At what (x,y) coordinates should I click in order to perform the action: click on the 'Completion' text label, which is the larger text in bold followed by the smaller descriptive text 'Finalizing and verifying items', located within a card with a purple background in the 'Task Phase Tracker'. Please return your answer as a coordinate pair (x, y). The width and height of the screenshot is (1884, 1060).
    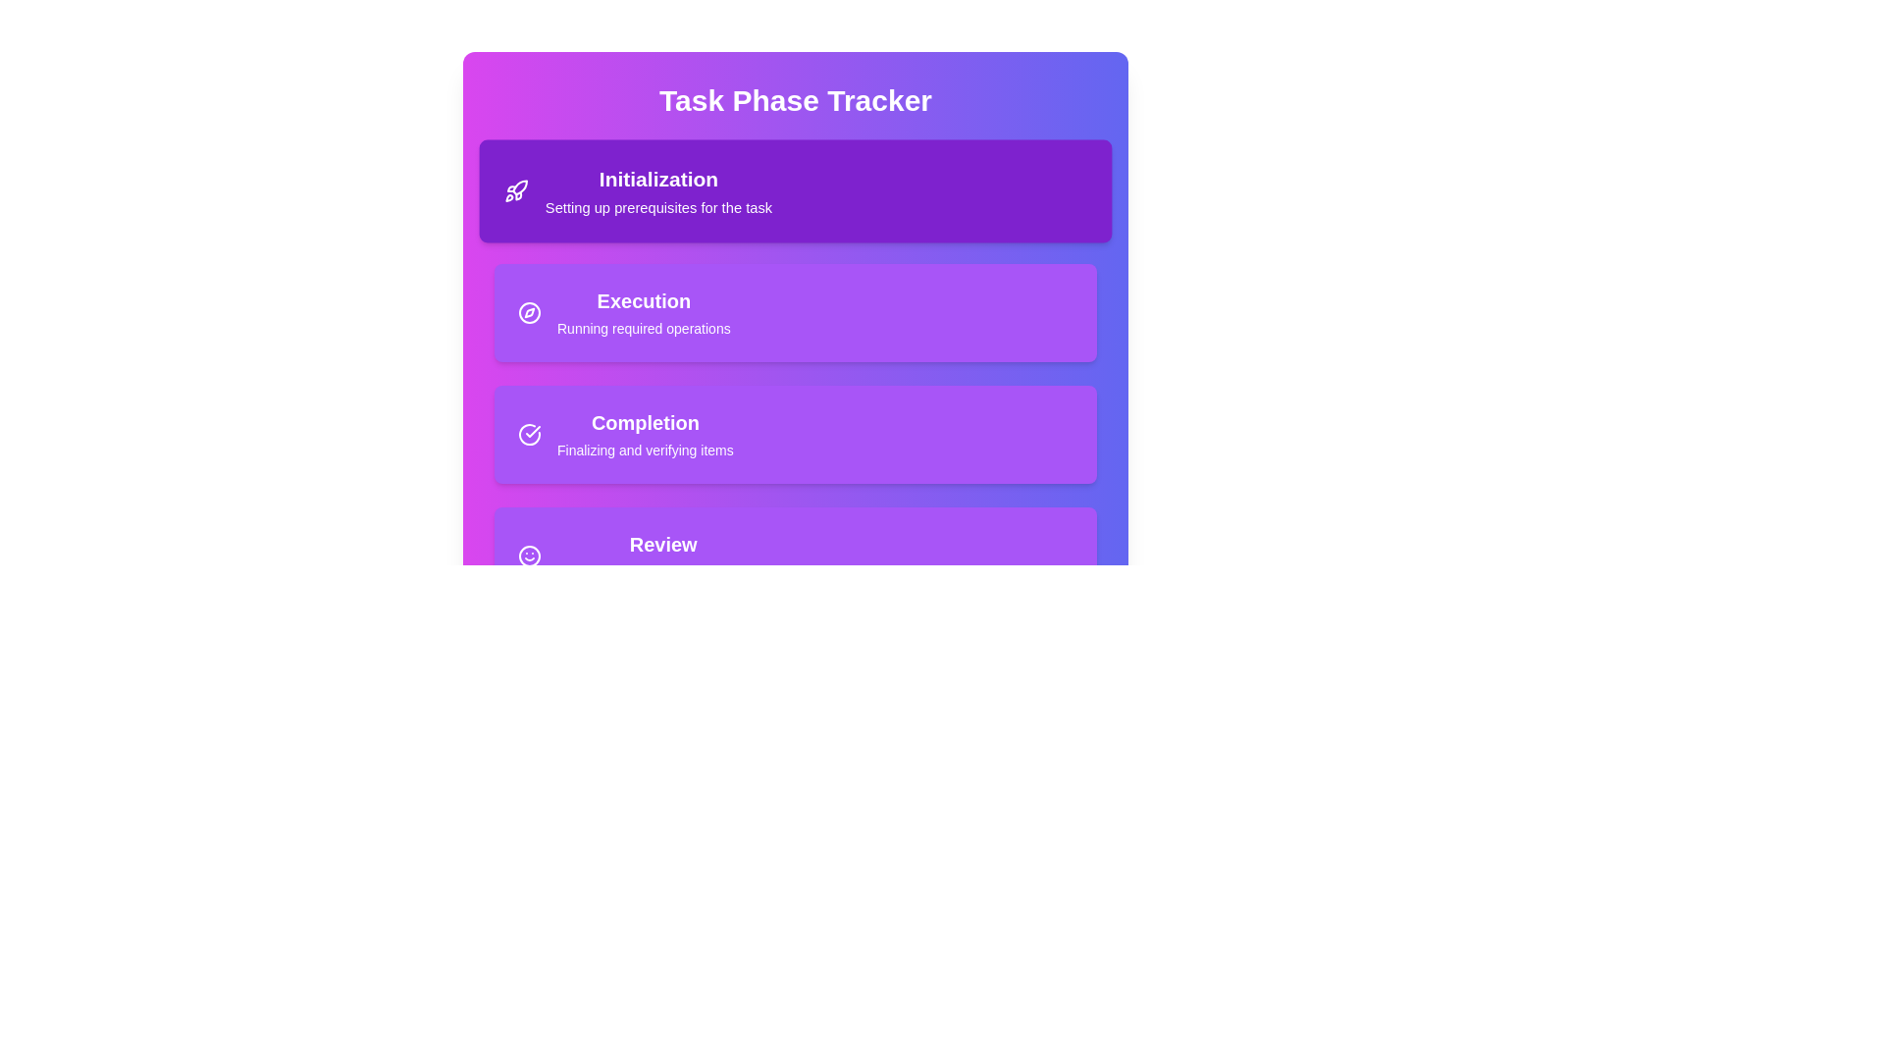
    Looking at the image, I should click on (645, 434).